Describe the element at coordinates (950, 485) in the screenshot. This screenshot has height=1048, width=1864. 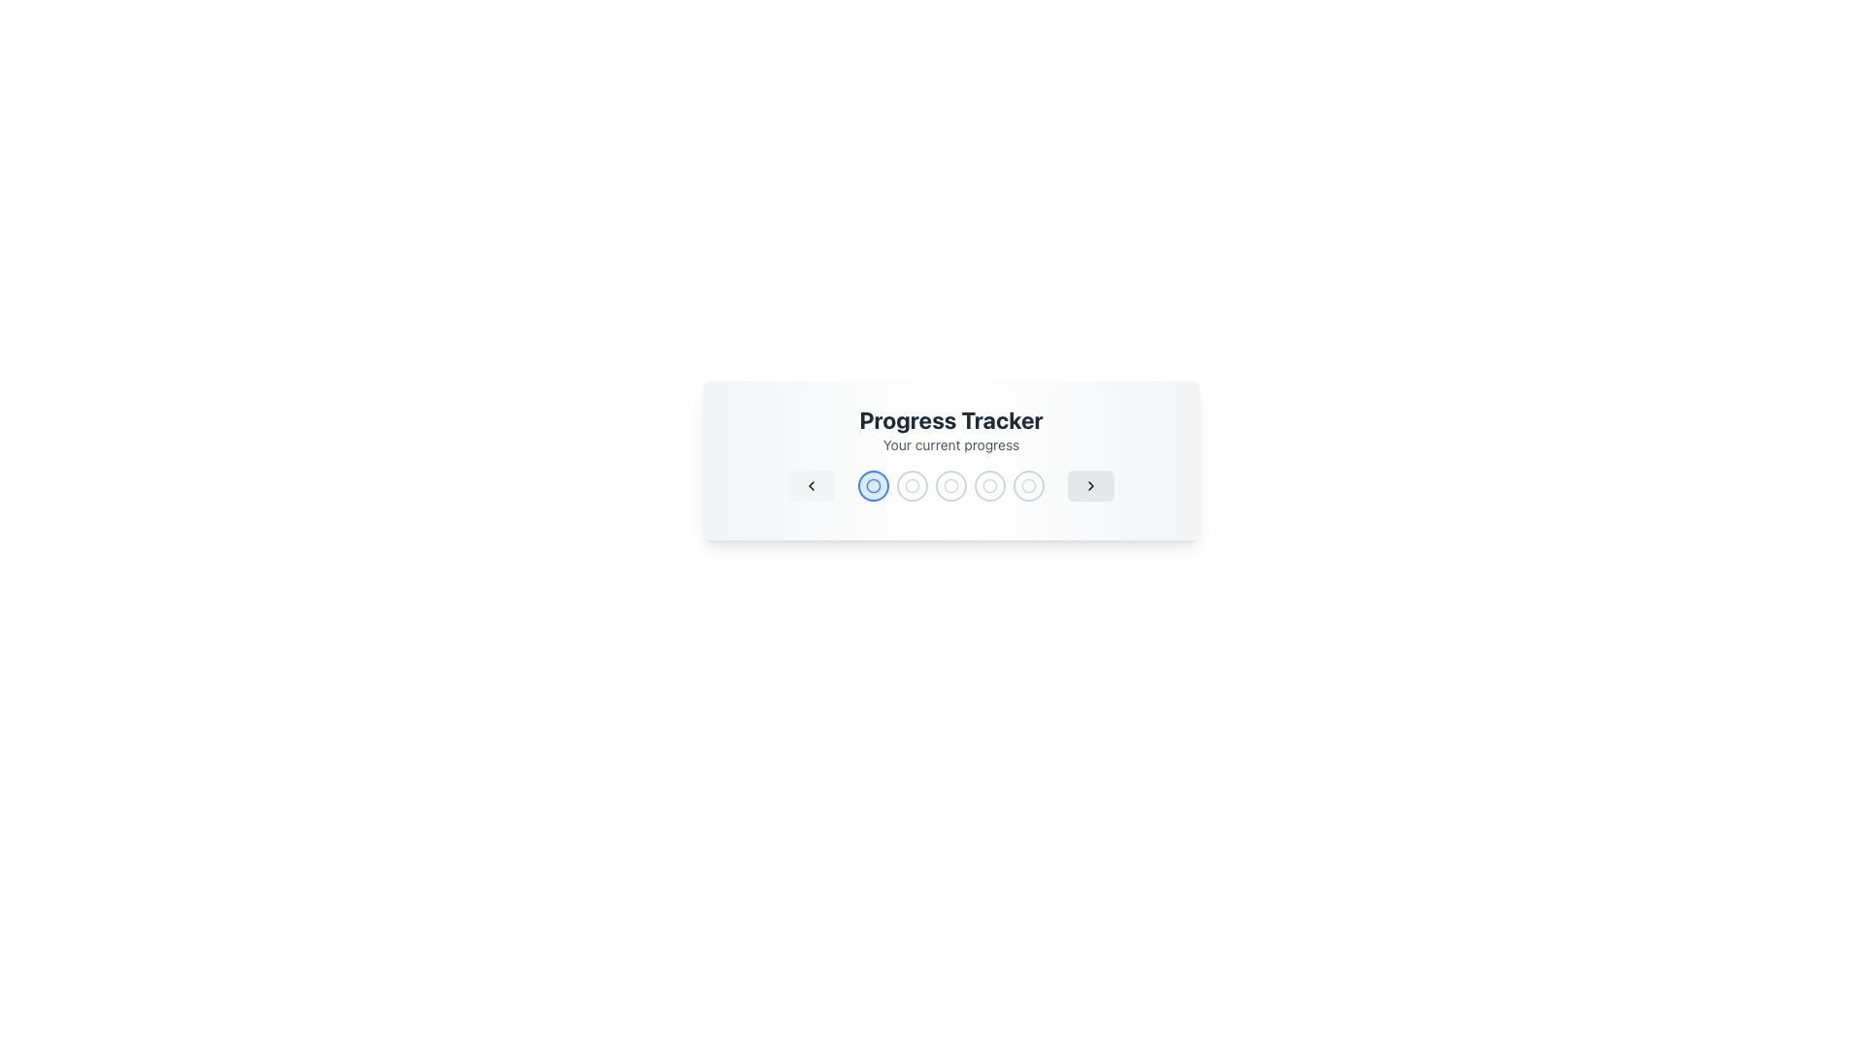
I see `the third circular progress indicator element, which has a gray border and a hollow circle inside, located centrally among other indicators` at that location.